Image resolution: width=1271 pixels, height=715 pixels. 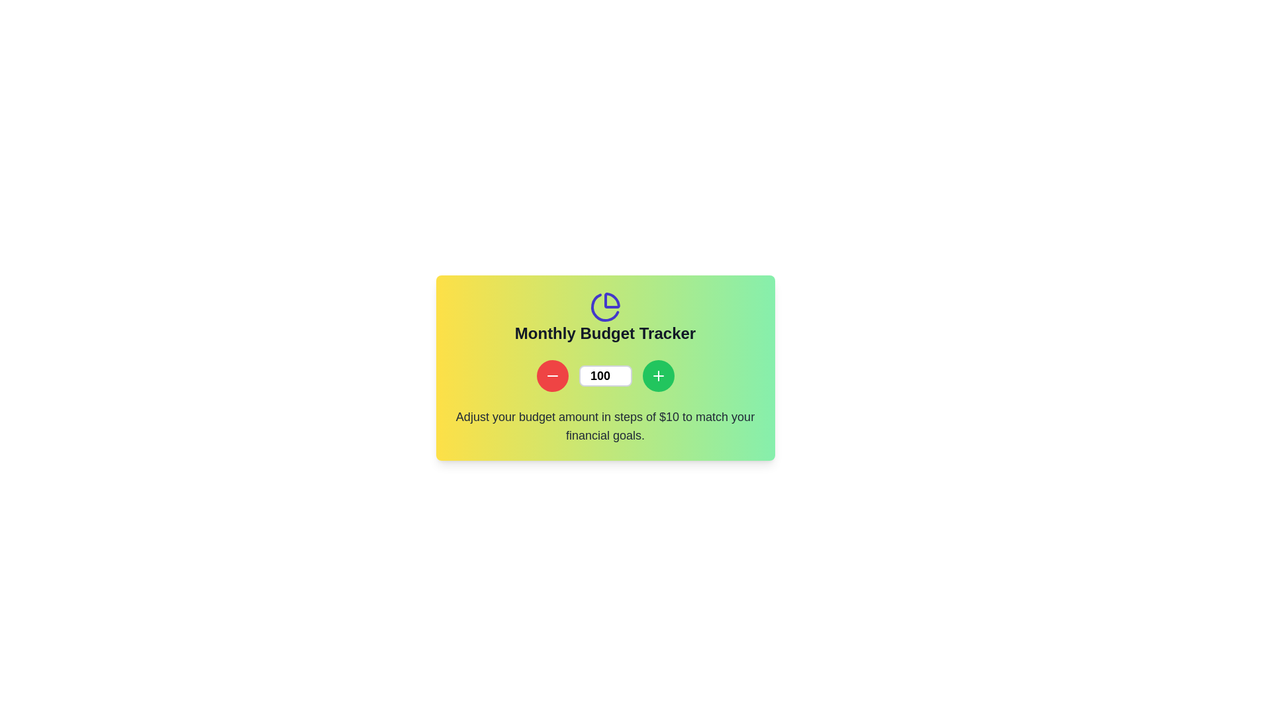 What do you see at coordinates (658, 375) in the screenshot?
I see `the button used to increase the value in the adjacent number input field, located to the right of the number input field` at bounding box center [658, 375].